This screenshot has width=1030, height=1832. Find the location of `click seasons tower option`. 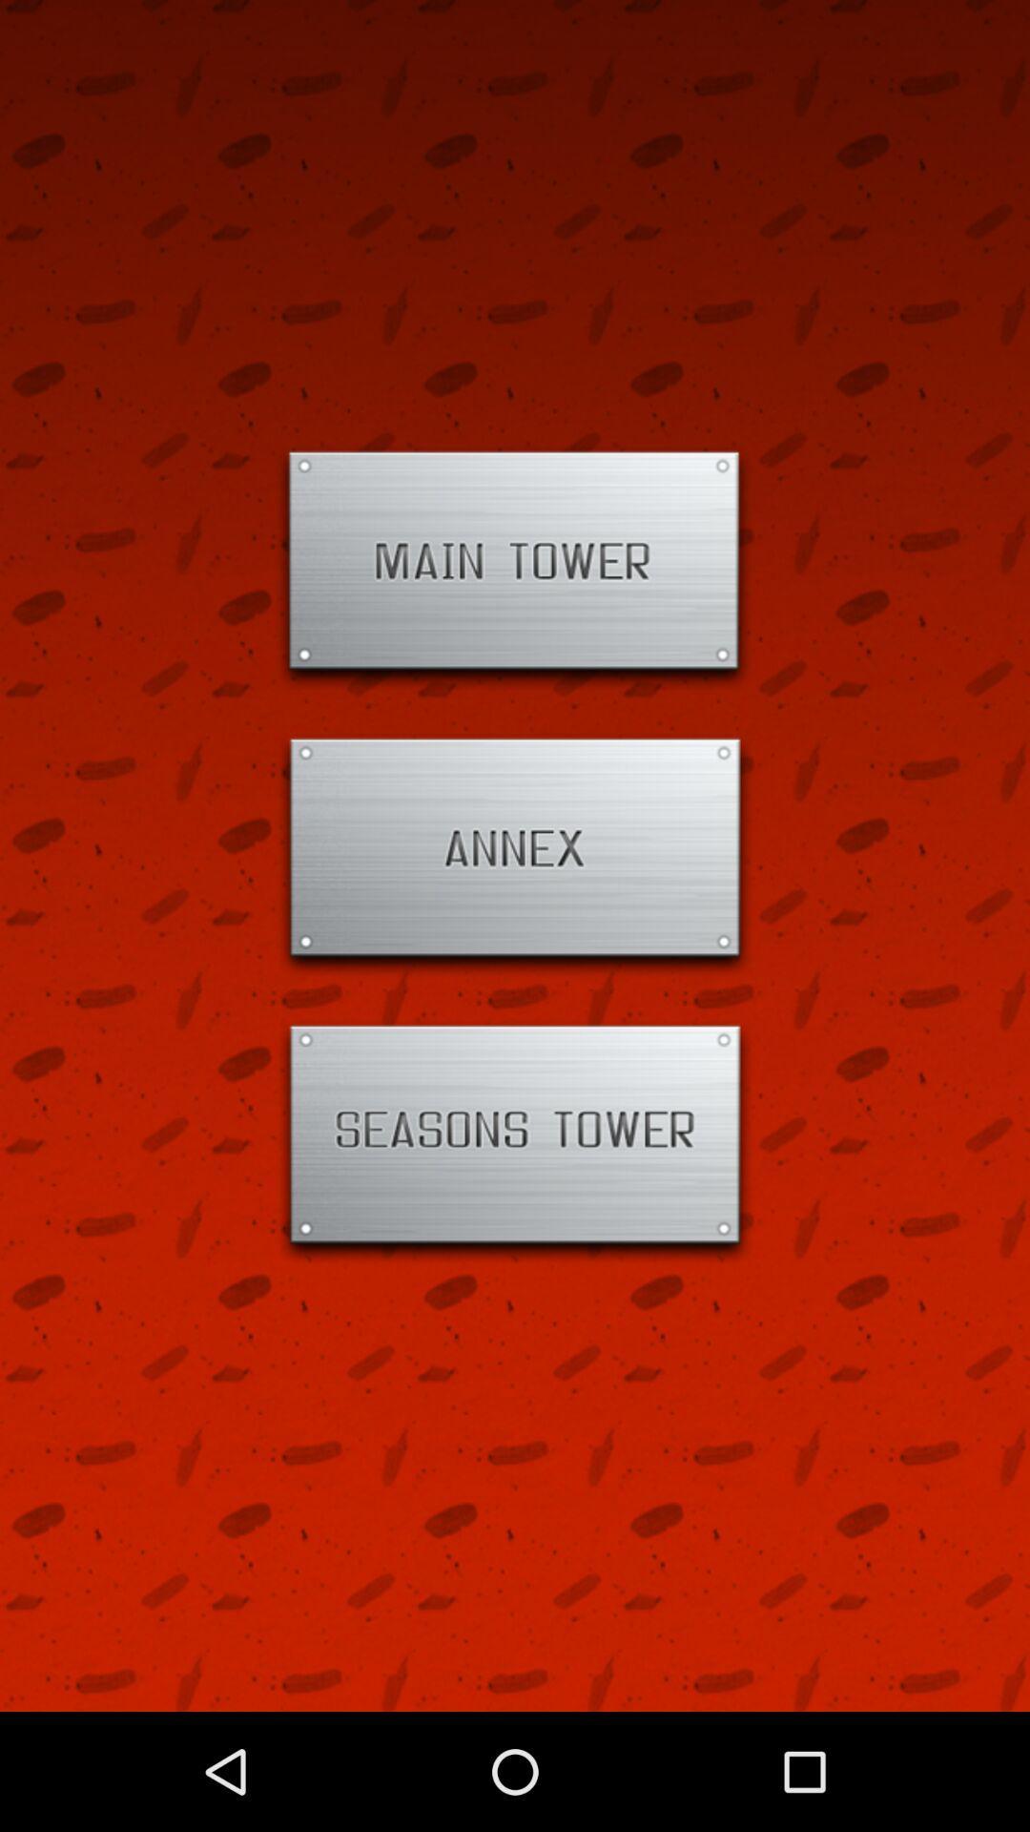

click seasons tower option is located at coordinates (515, 1142).